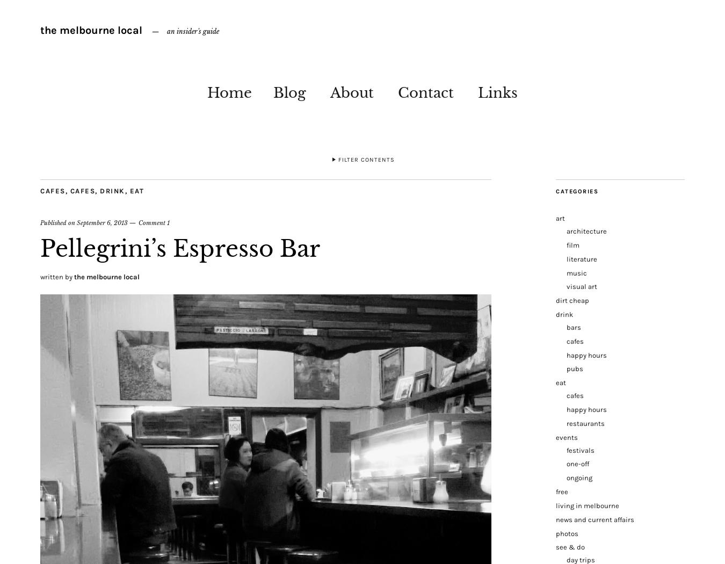 The height and width of the screenshot is (564, 725). Describe the element at coordinates (580, 450) in the screenshot. I see `'festivals'` at that location.